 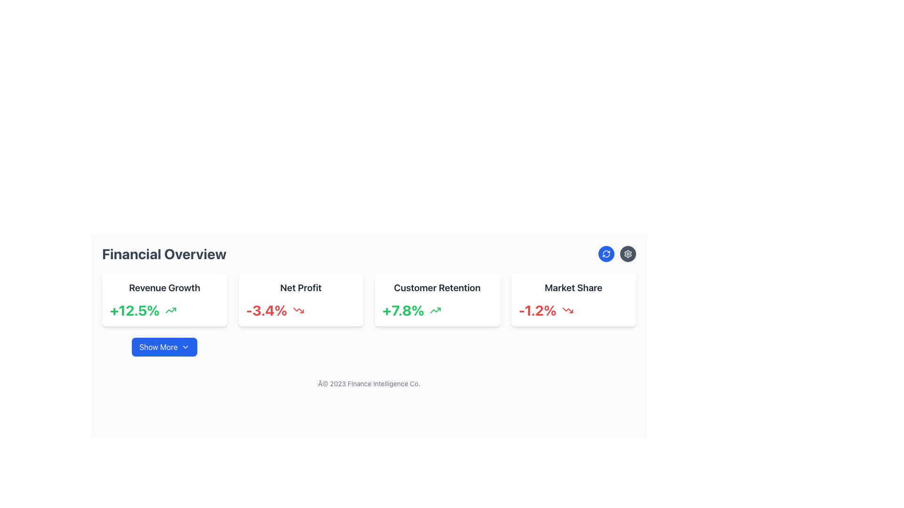 I want to click on the button located at the lower center of the financial metrics section, so click(x=164, y=347).